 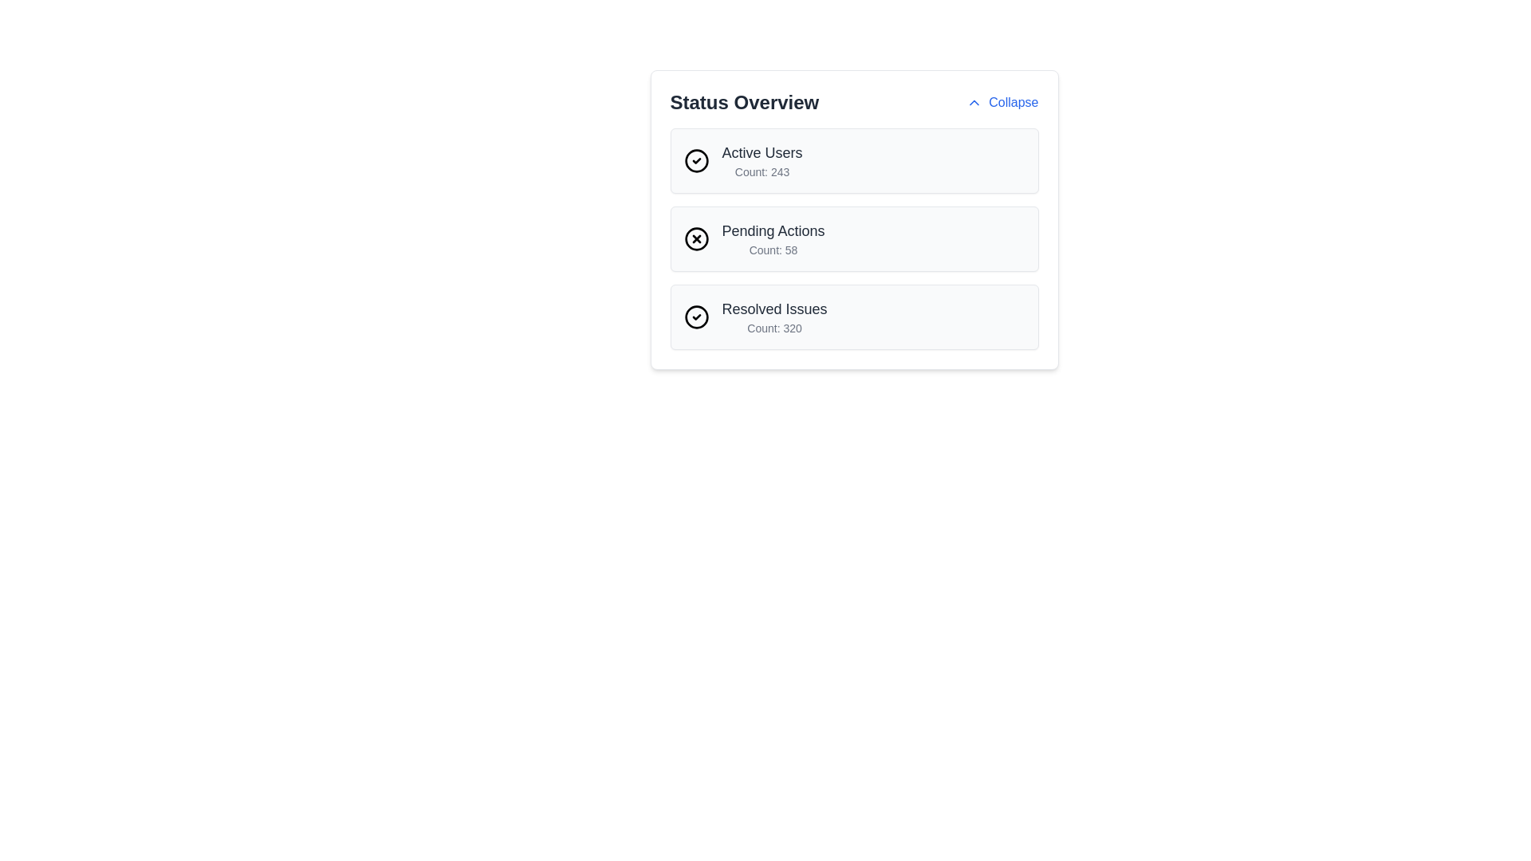 I want to click on the circular icon with a cross symbol, which has a black outline and yellowish coloration, located to the left of the text 'Pending Actions Count: 58', so click(x=696, y=239).